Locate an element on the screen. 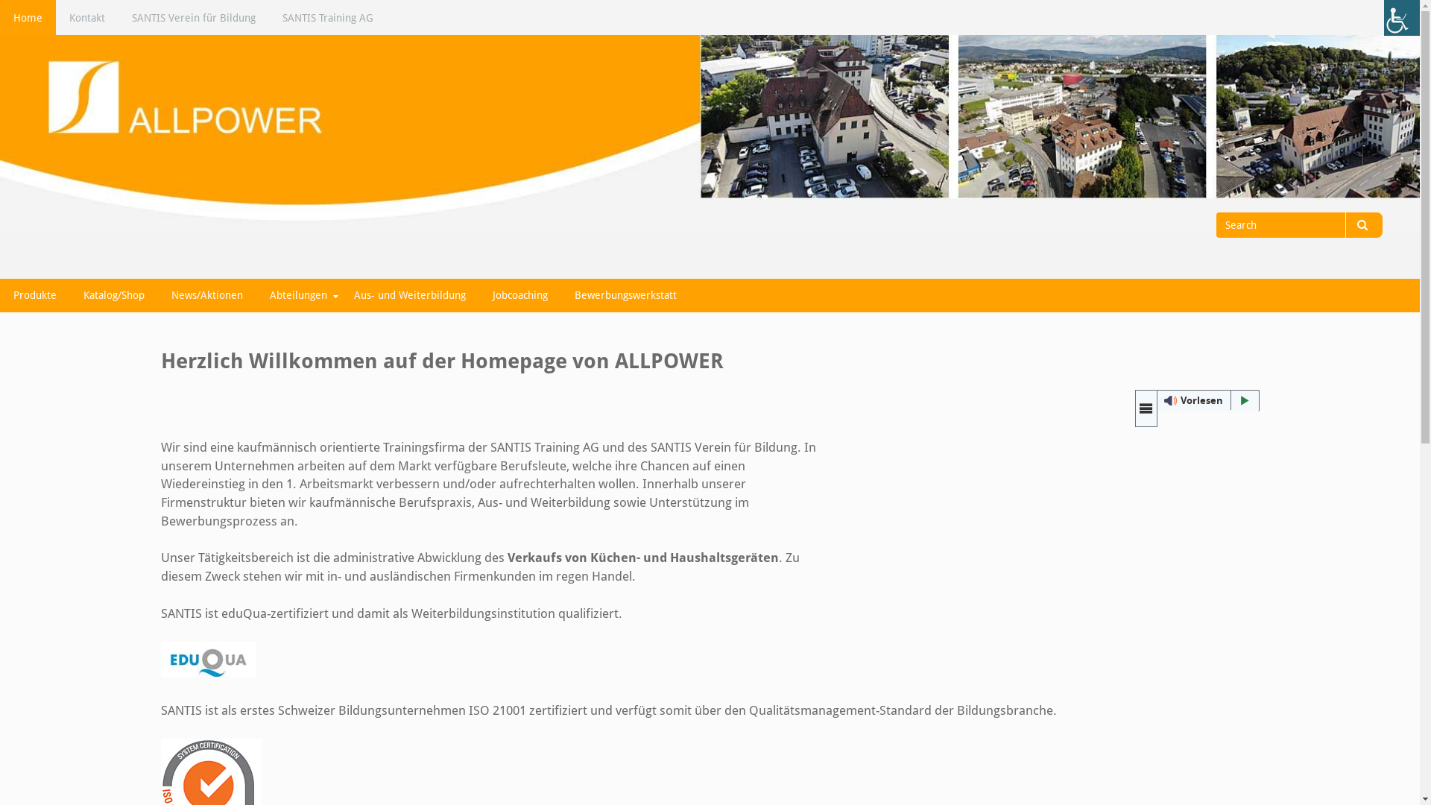 This screenshot has height=805, width=1431. 'News/Aktionen' is located at coordinates (157, 295).